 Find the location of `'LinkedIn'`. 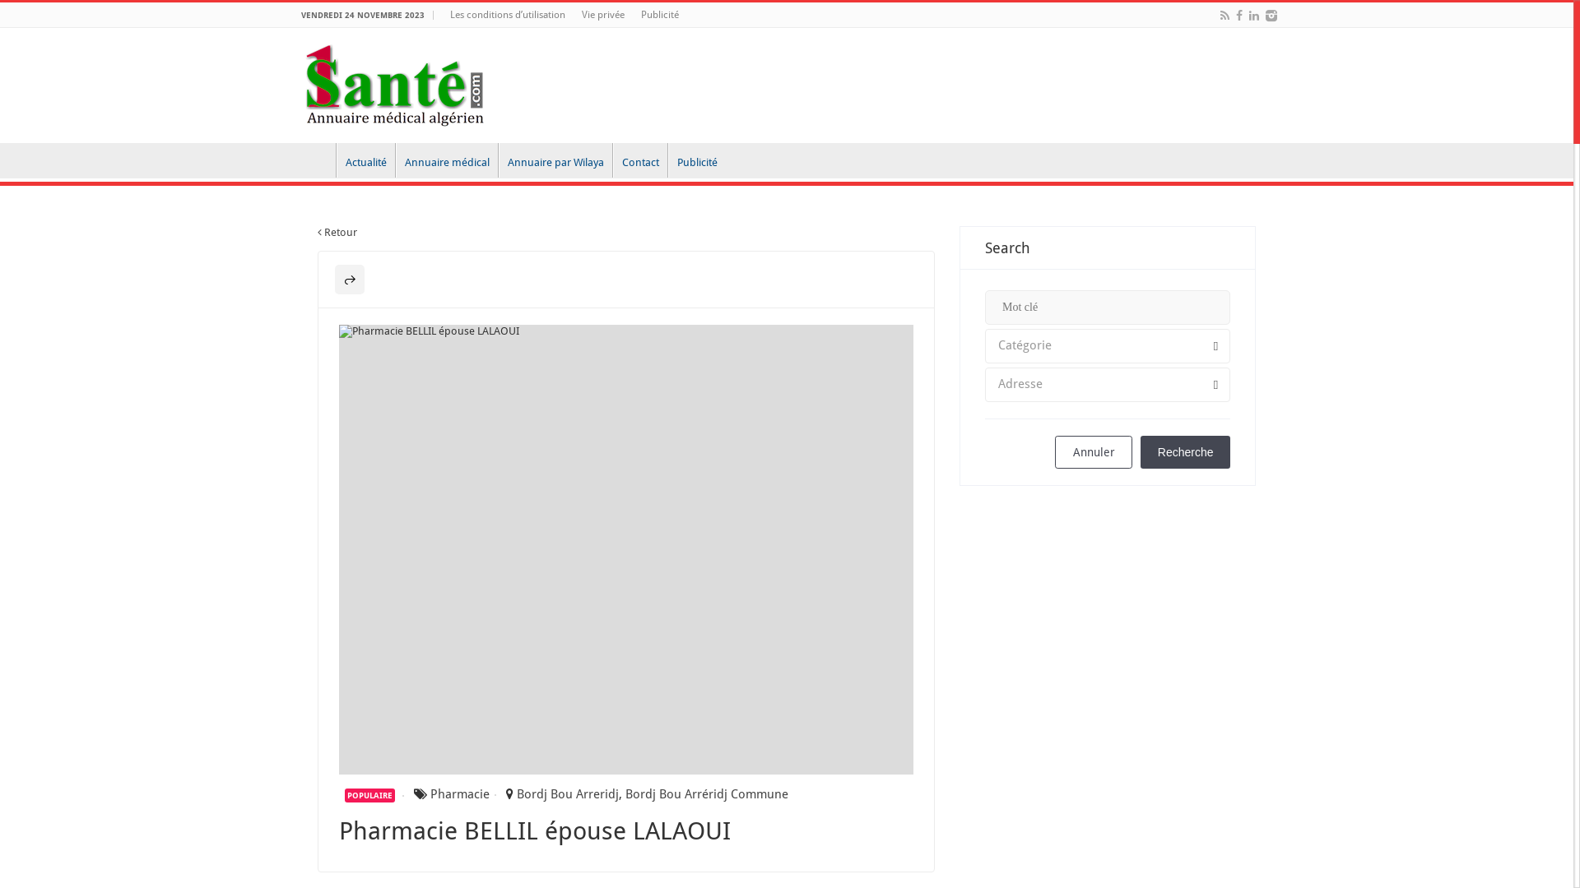

'LinkedIn' is located at coordinates (1252, 16).